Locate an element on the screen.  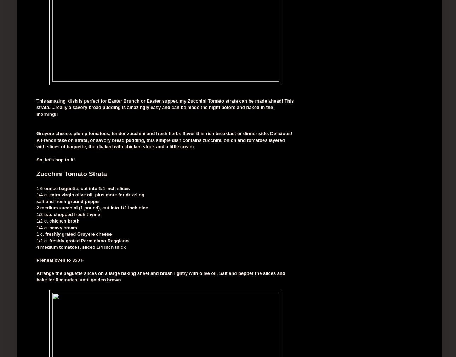
'Arrange the baguette slices on a large baking sheet and brush lightly with olive oil. Salt and pepper the slices and bake for 6 minutes, until golden brown.' is located at coordinates (36, 276).